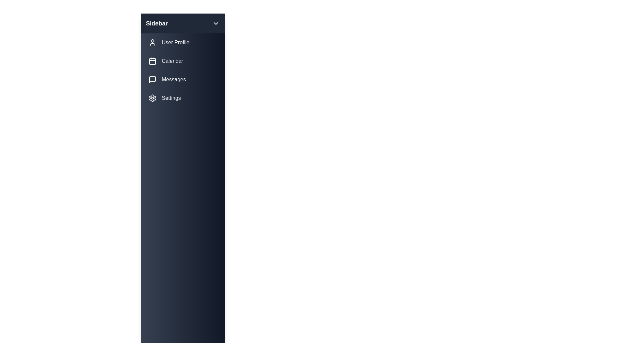 Image resolution: width=634 pixels, height=357 pixels. Describe the element at coordinates (216, 23) in the screenshot. I see `the toggle button to change the sidebar's expansion state` at that location.